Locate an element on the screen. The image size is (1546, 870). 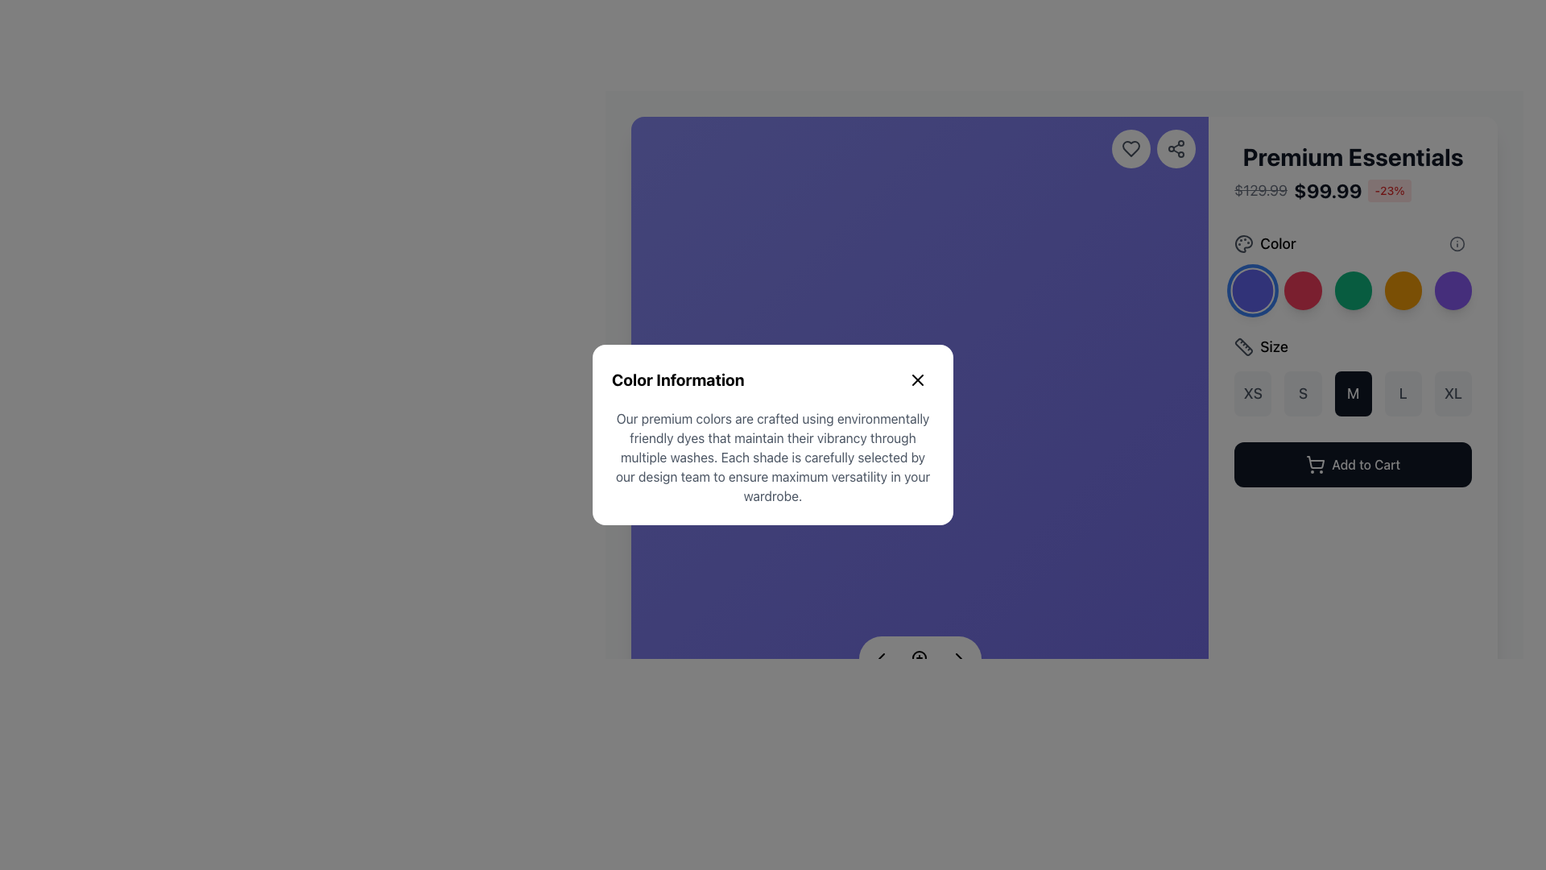
the 'S' size selection button, which is the second button in a row of five labeled 'XS', 'S', 'M', 'L', and 'XL', located beneath the 'Size' label is located at coordinates (1303, 394).